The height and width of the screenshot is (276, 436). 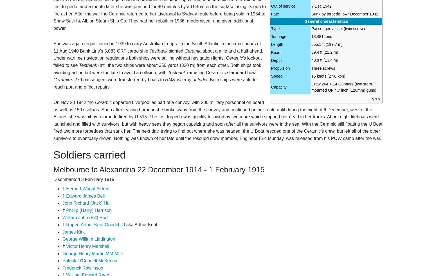 What do you see at coordinates (73, 80) in the screenshot?
I see `'279 passengers were transferred by boats to'` at bounding box center [73, 80].